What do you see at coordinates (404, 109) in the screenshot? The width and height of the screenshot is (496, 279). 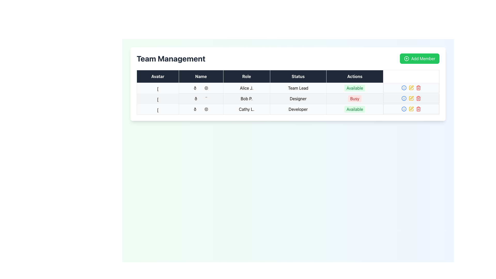 I see `the circular SVG shape with a stroke width of 2, located in the 'Actions' column of the last row of the table` at bounding box center [404, 109].